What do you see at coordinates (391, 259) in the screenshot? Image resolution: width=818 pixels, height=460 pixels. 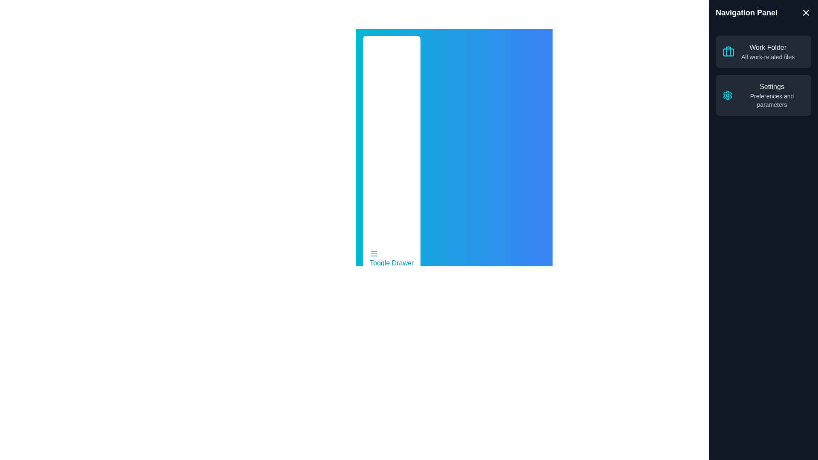 I see `the 'Toggle Drawer' button to toggle the visibility of the drawer` at bounding box center [391, 259].